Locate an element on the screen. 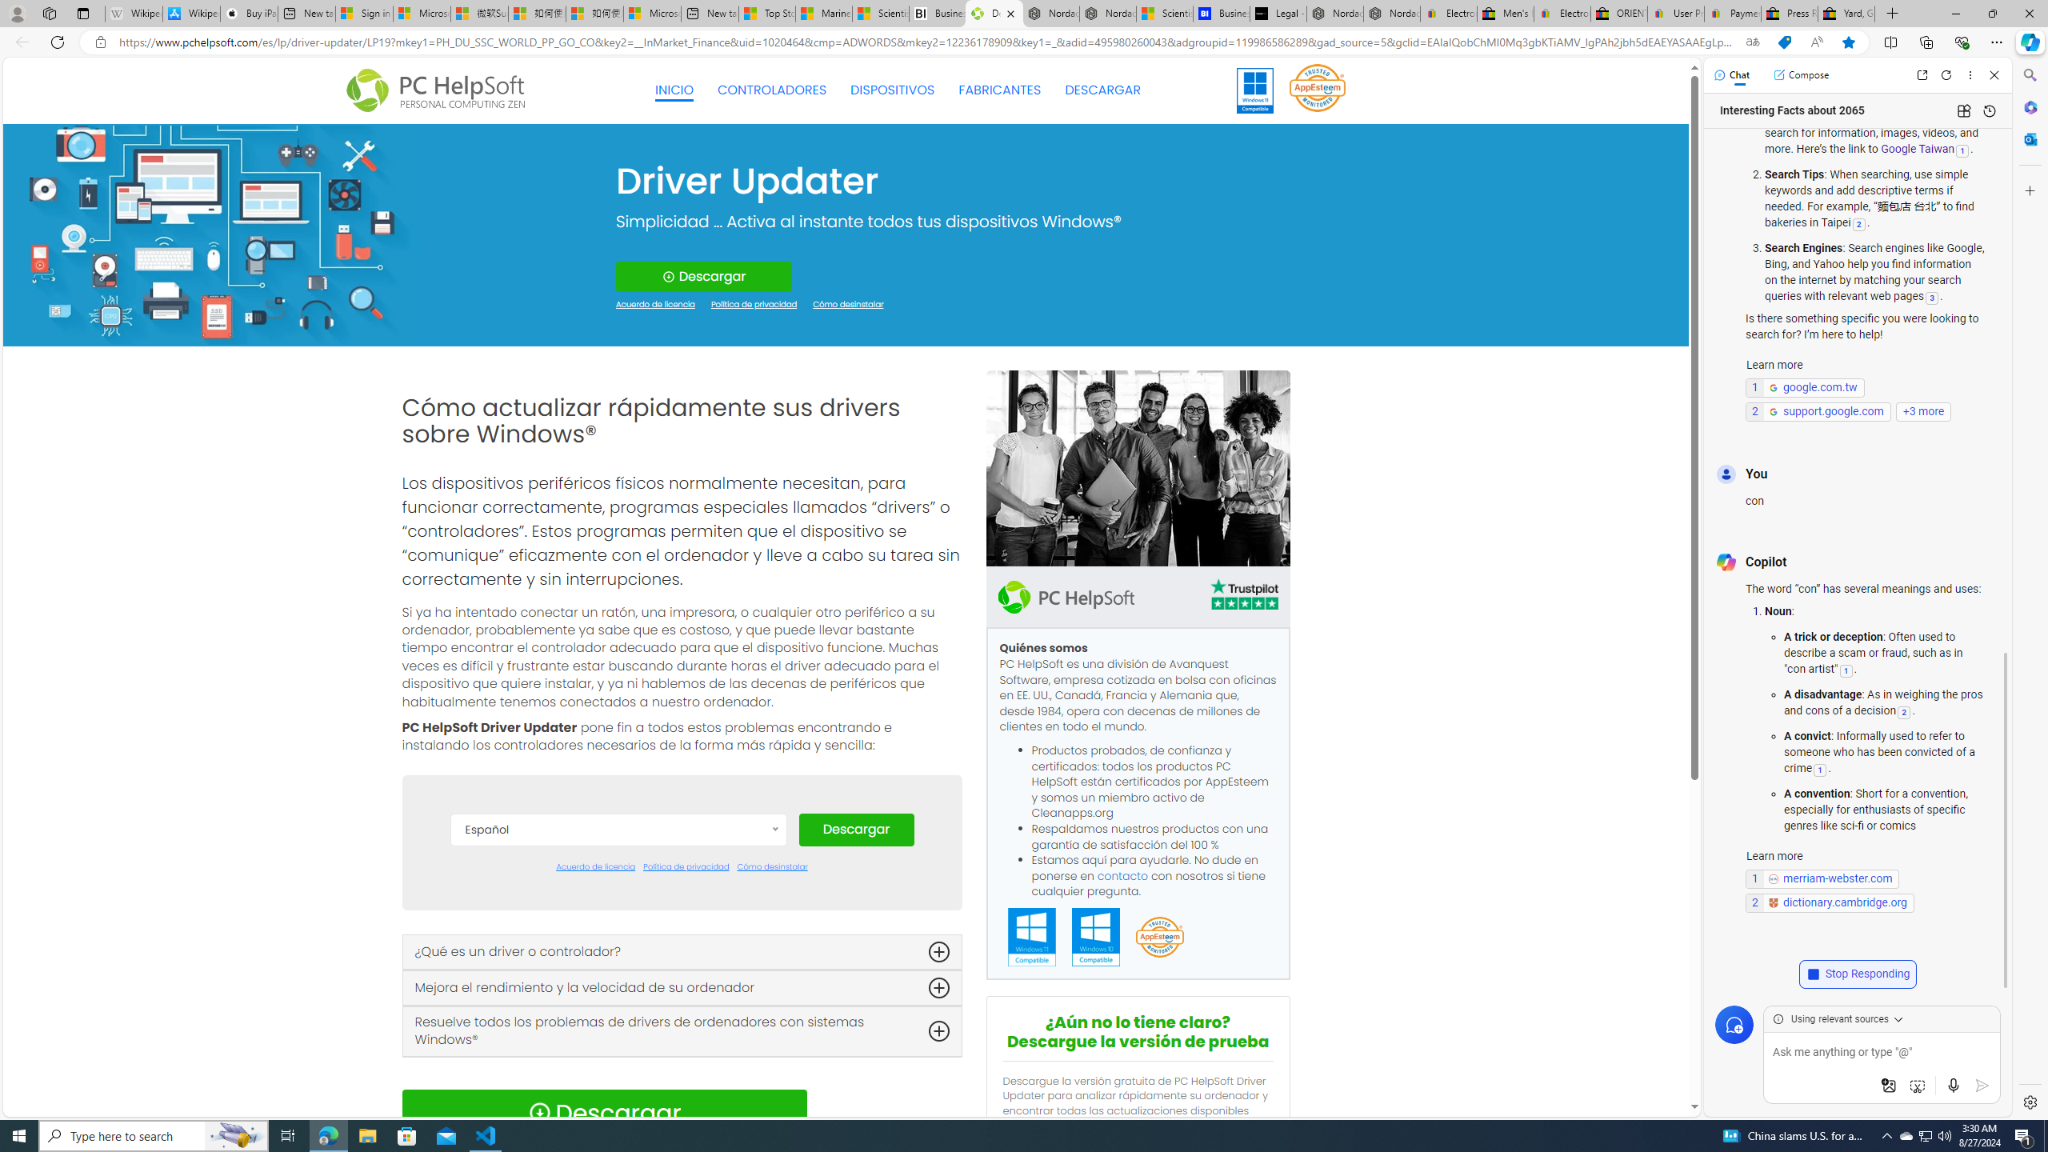 Image resolution: width=2048 pixels, height=1152 pixels. 'Download Icon Descargar' is located at coordinates (603, 1112).